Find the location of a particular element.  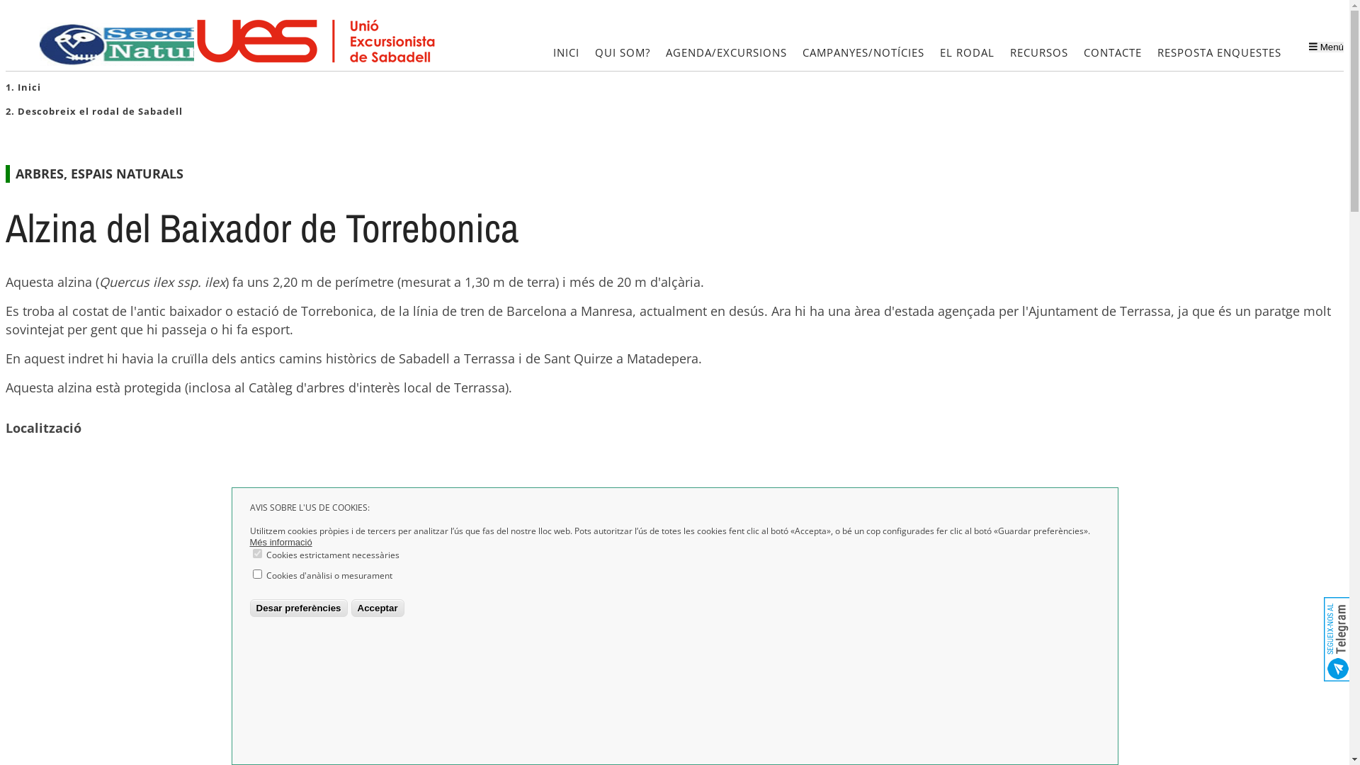

'RESPOSTA ENQUESTES' is located at coordinates (1218, 52).